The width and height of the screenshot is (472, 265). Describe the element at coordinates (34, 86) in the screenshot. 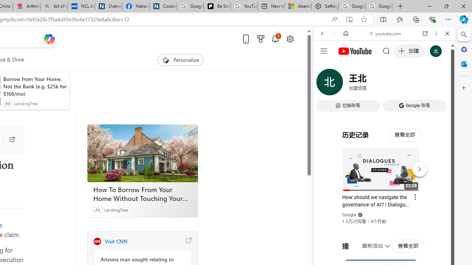

I see `'Borrow from Your Home, Not the Bank (e.g. $25k for $168/mo)'` at that location.